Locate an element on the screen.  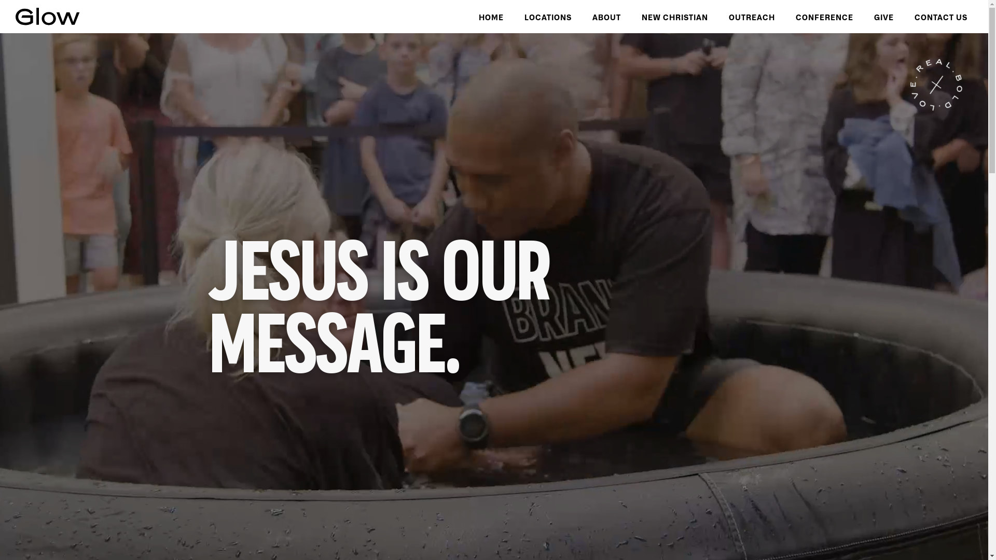
'HOME' is located at coordinates (490, 16).